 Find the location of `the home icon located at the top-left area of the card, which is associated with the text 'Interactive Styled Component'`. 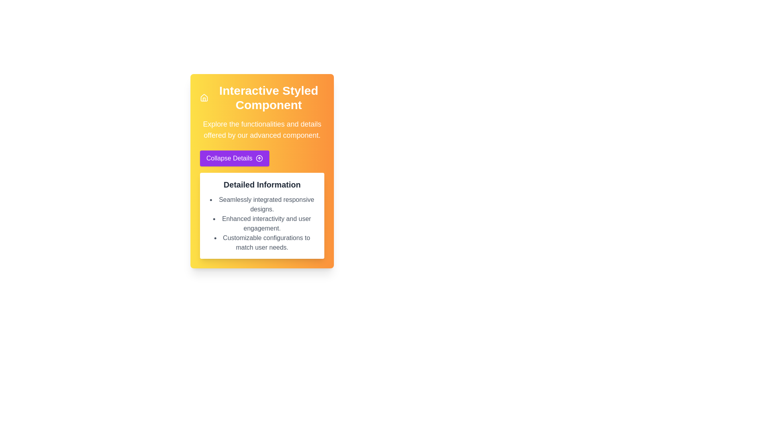

the home icon located at the top-left area of the card, which is associated with the text 'Interactive Styled Component' is located at coordinates (204, 98).